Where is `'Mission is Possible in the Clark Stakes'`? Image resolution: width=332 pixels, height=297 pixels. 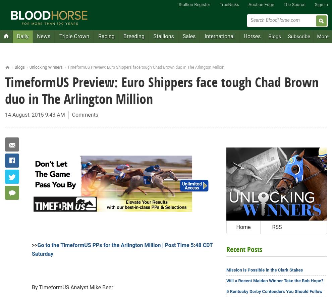
'Mission is Possible in the Clark Stakes' is located at coordinates (265, 270).